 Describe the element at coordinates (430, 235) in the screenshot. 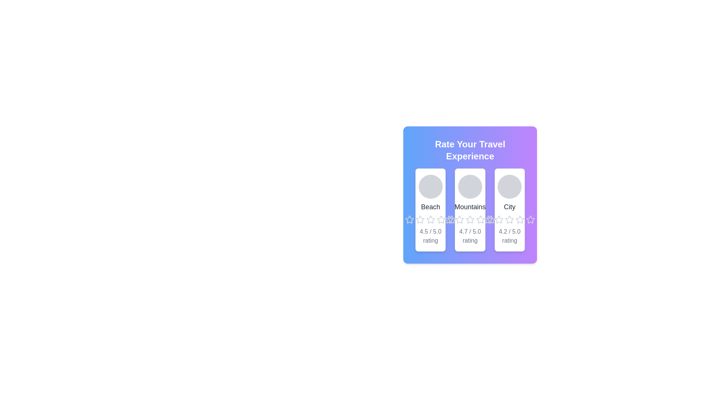

I see `the text displaying the rating value '4.5 / 5.0 rating' located at the bottom of the 'Beach' card, which is styled in light gray and appears below the star rating graphic` at that location.